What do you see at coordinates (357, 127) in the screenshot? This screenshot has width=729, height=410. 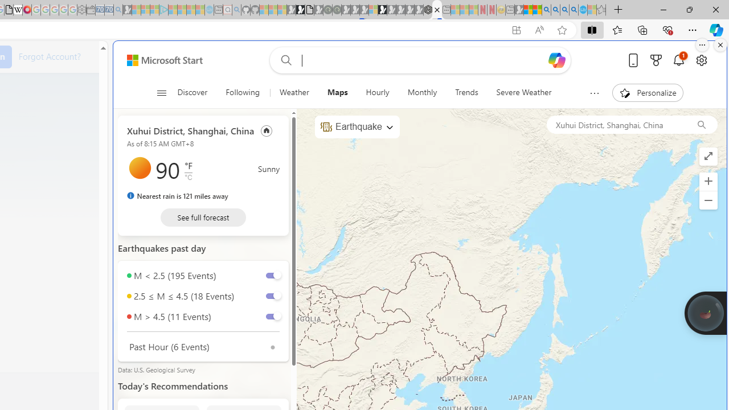 I see `'Earthquake'` at bounding box center [357, 127].